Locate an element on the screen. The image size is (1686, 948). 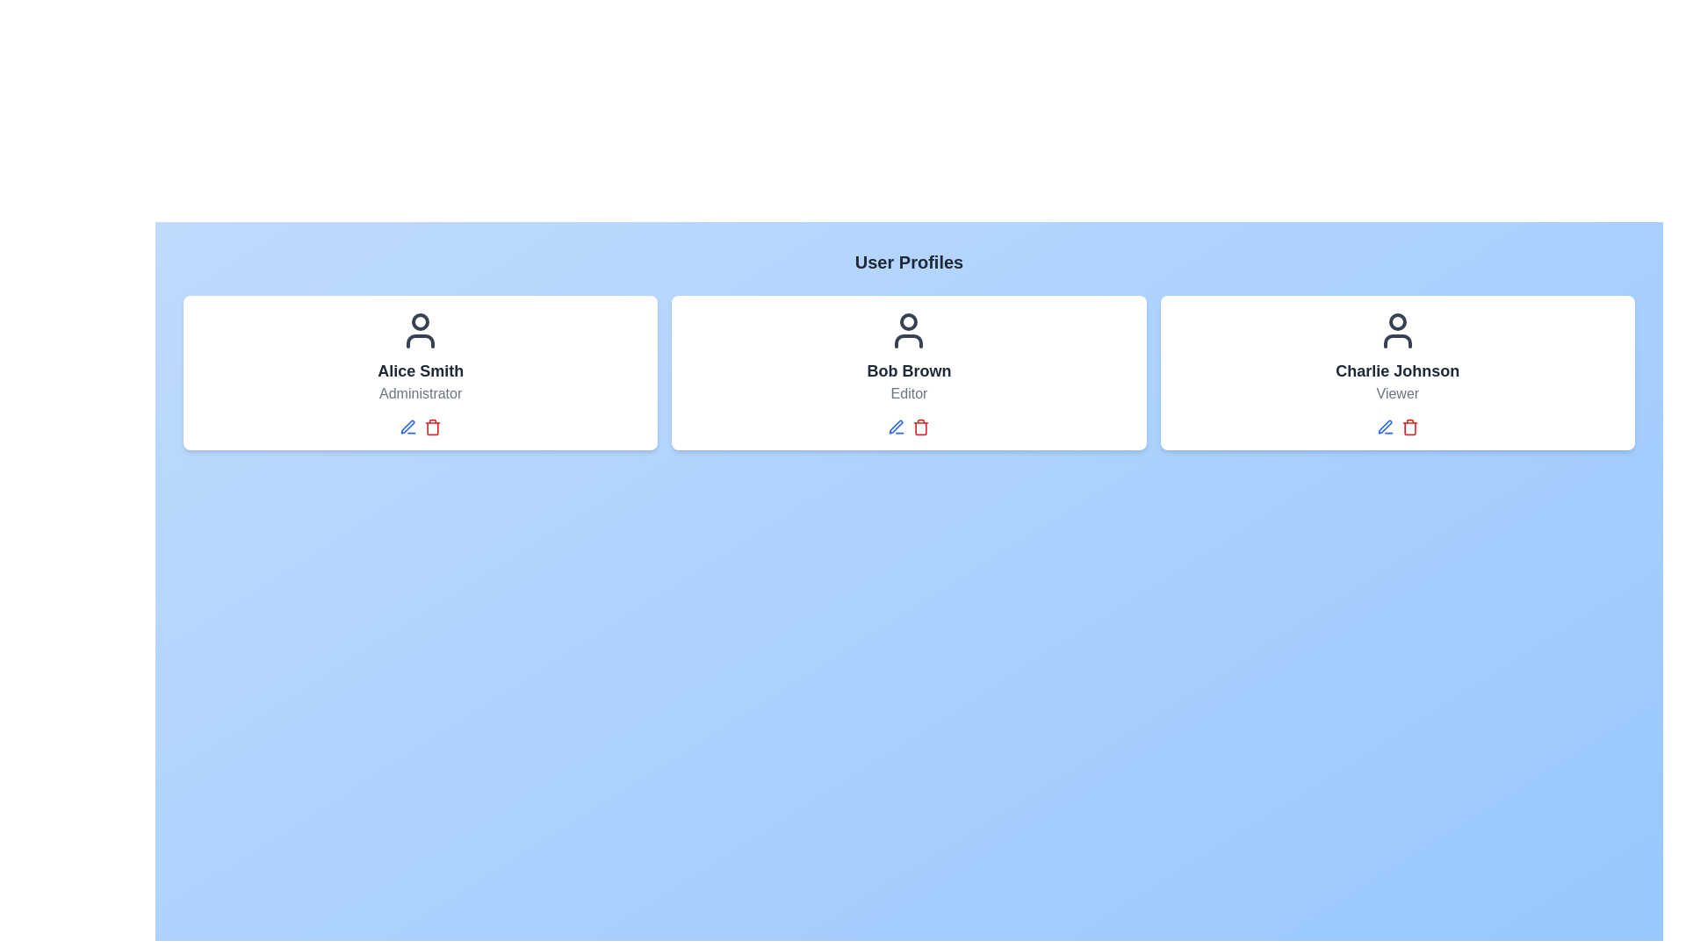
the graphical vector element representing the bottom portion of the user profile icon for 'Bob Brown, Editor' is located at coordinates (909, 341).